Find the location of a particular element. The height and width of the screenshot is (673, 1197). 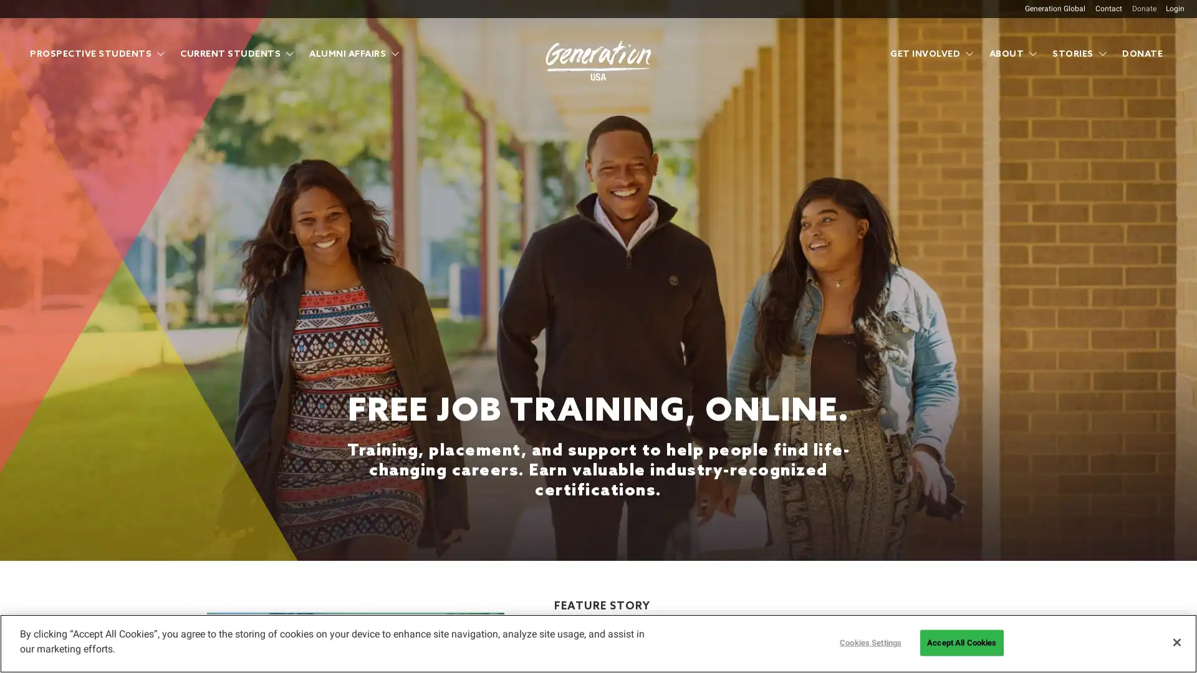

Cookies Settings is located at coordinates (870, 642).